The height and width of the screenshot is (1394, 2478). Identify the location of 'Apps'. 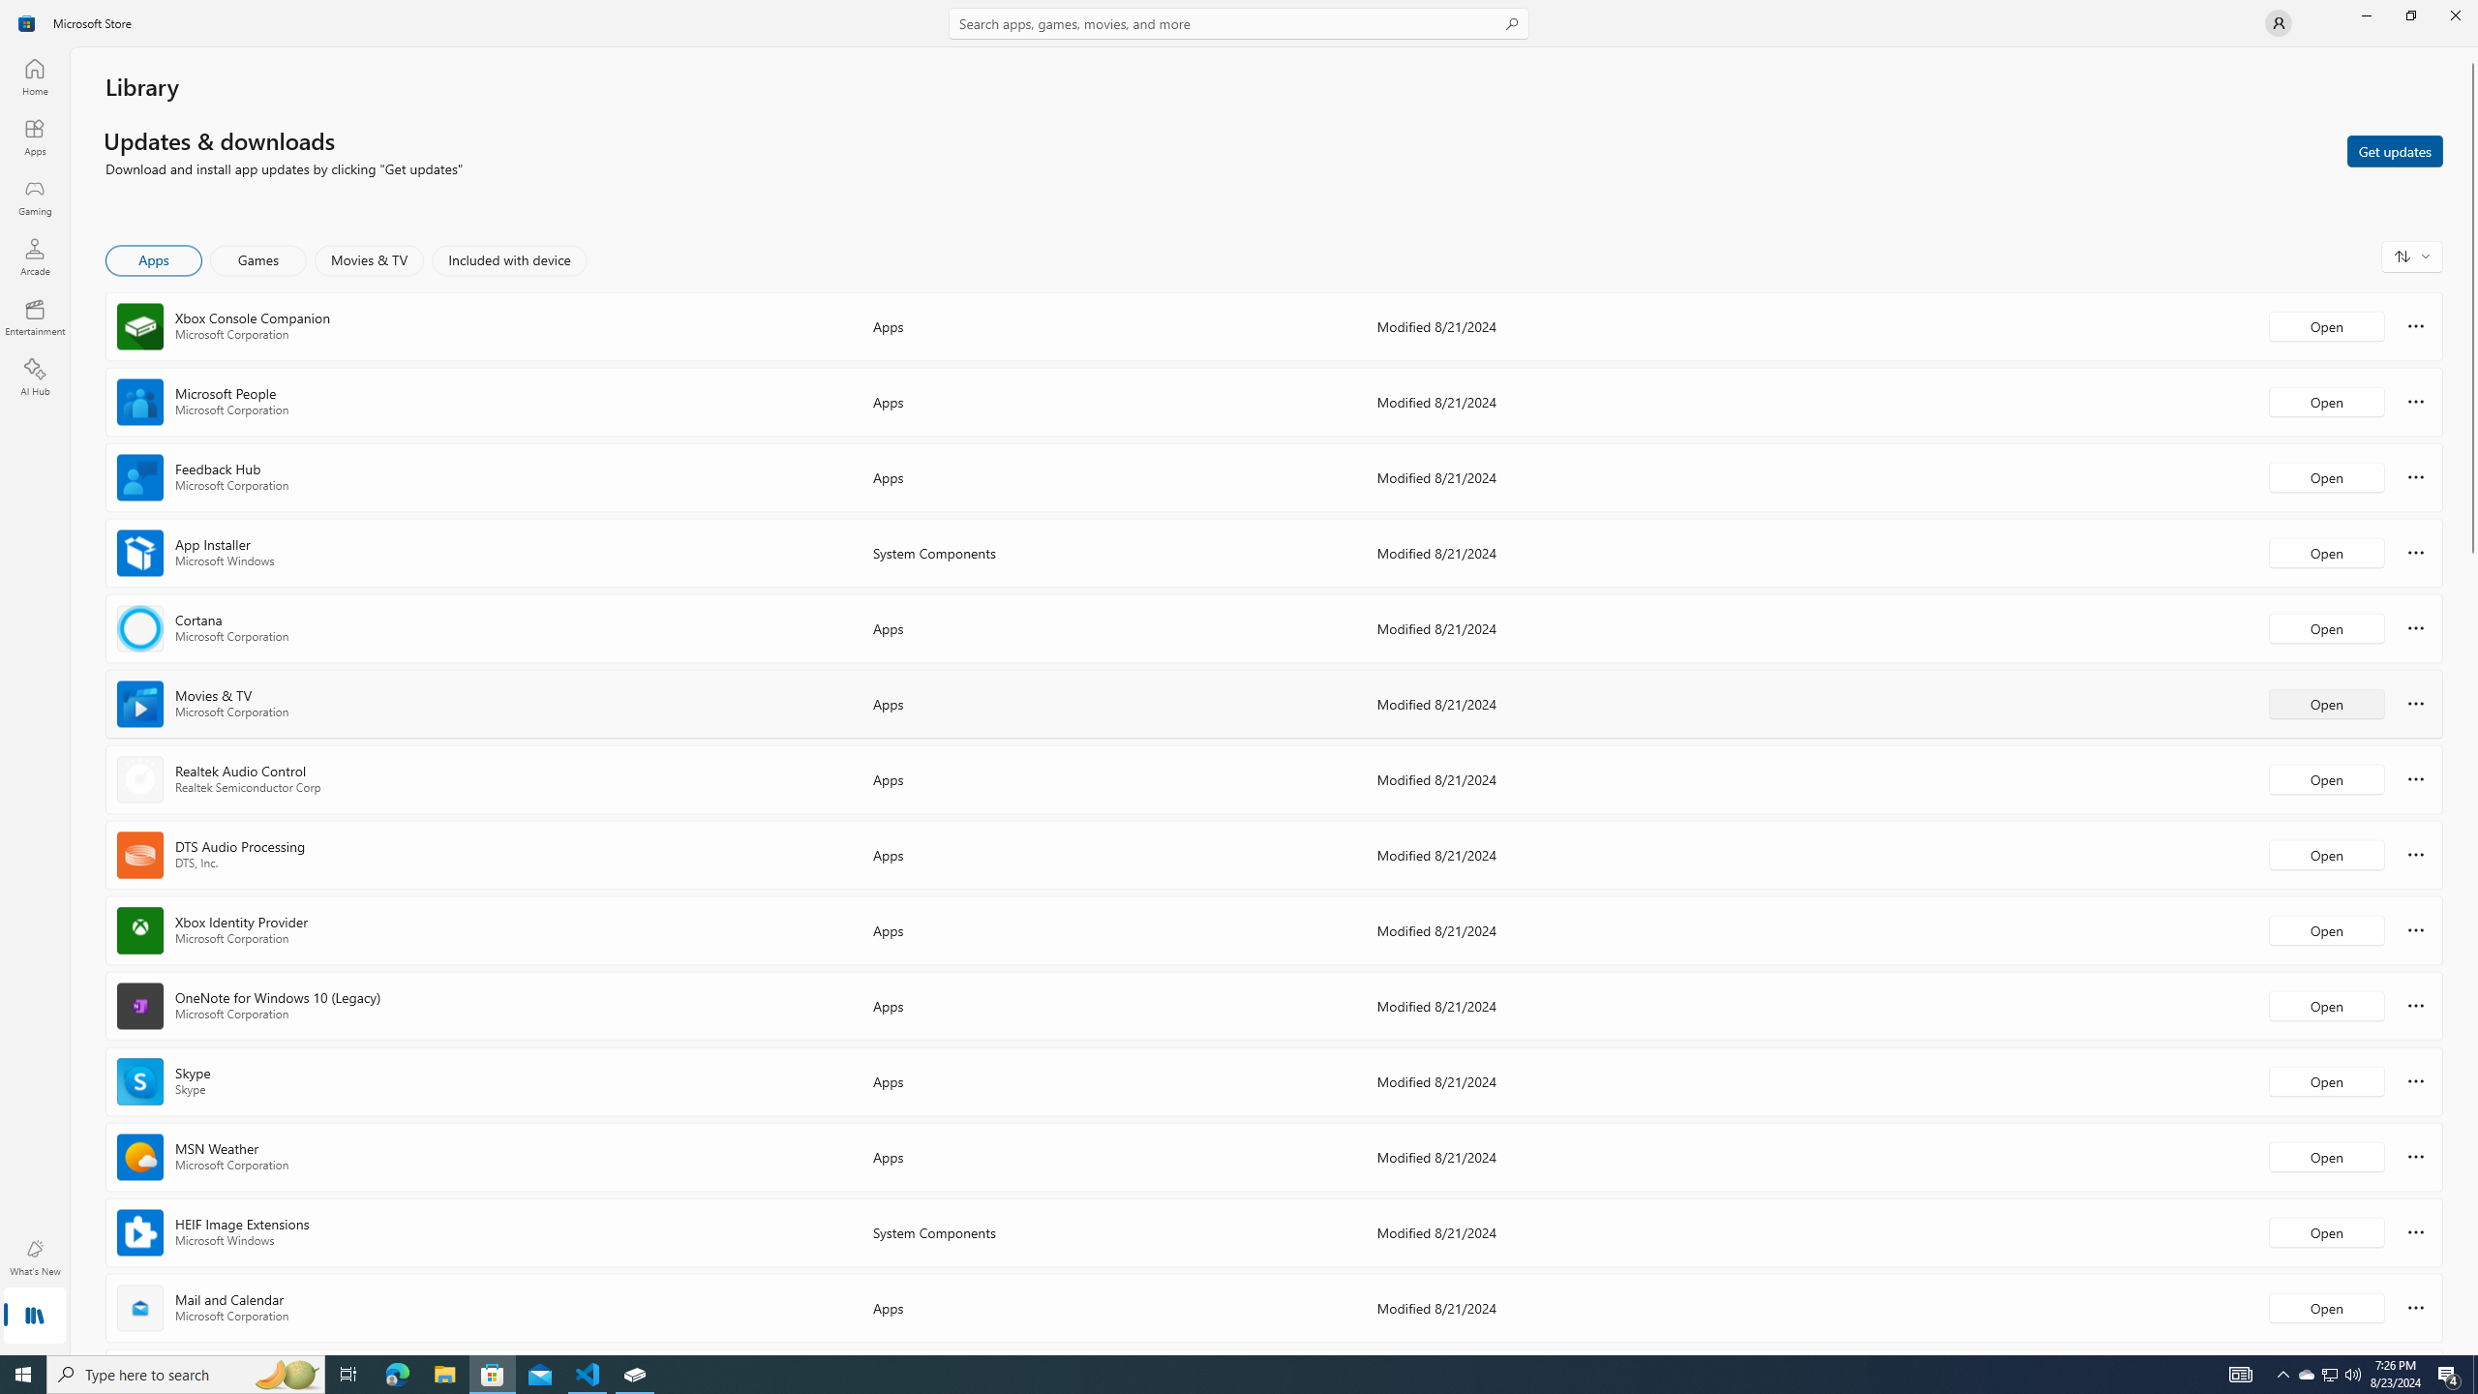
(33, 136).